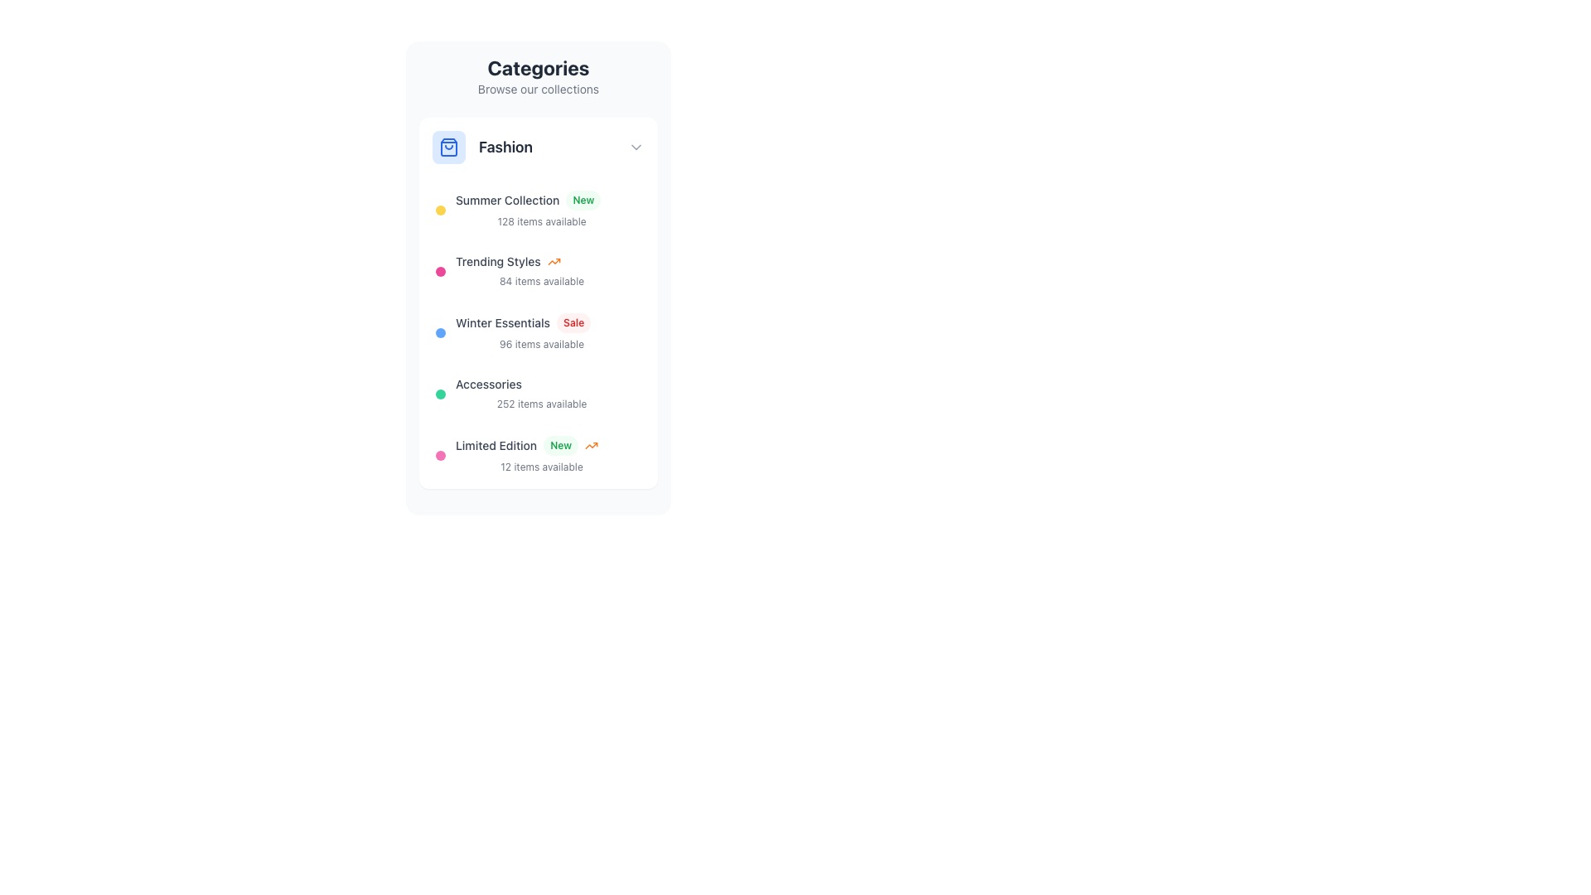 This screenshot has height=895, width=1591. Describe the element at coordinates (541, 210) in the screenshot. I see `the 'Summer Collection' text label, which is the first item in the 'Fashion' category and positioned below a yellow circular icon` at that location.